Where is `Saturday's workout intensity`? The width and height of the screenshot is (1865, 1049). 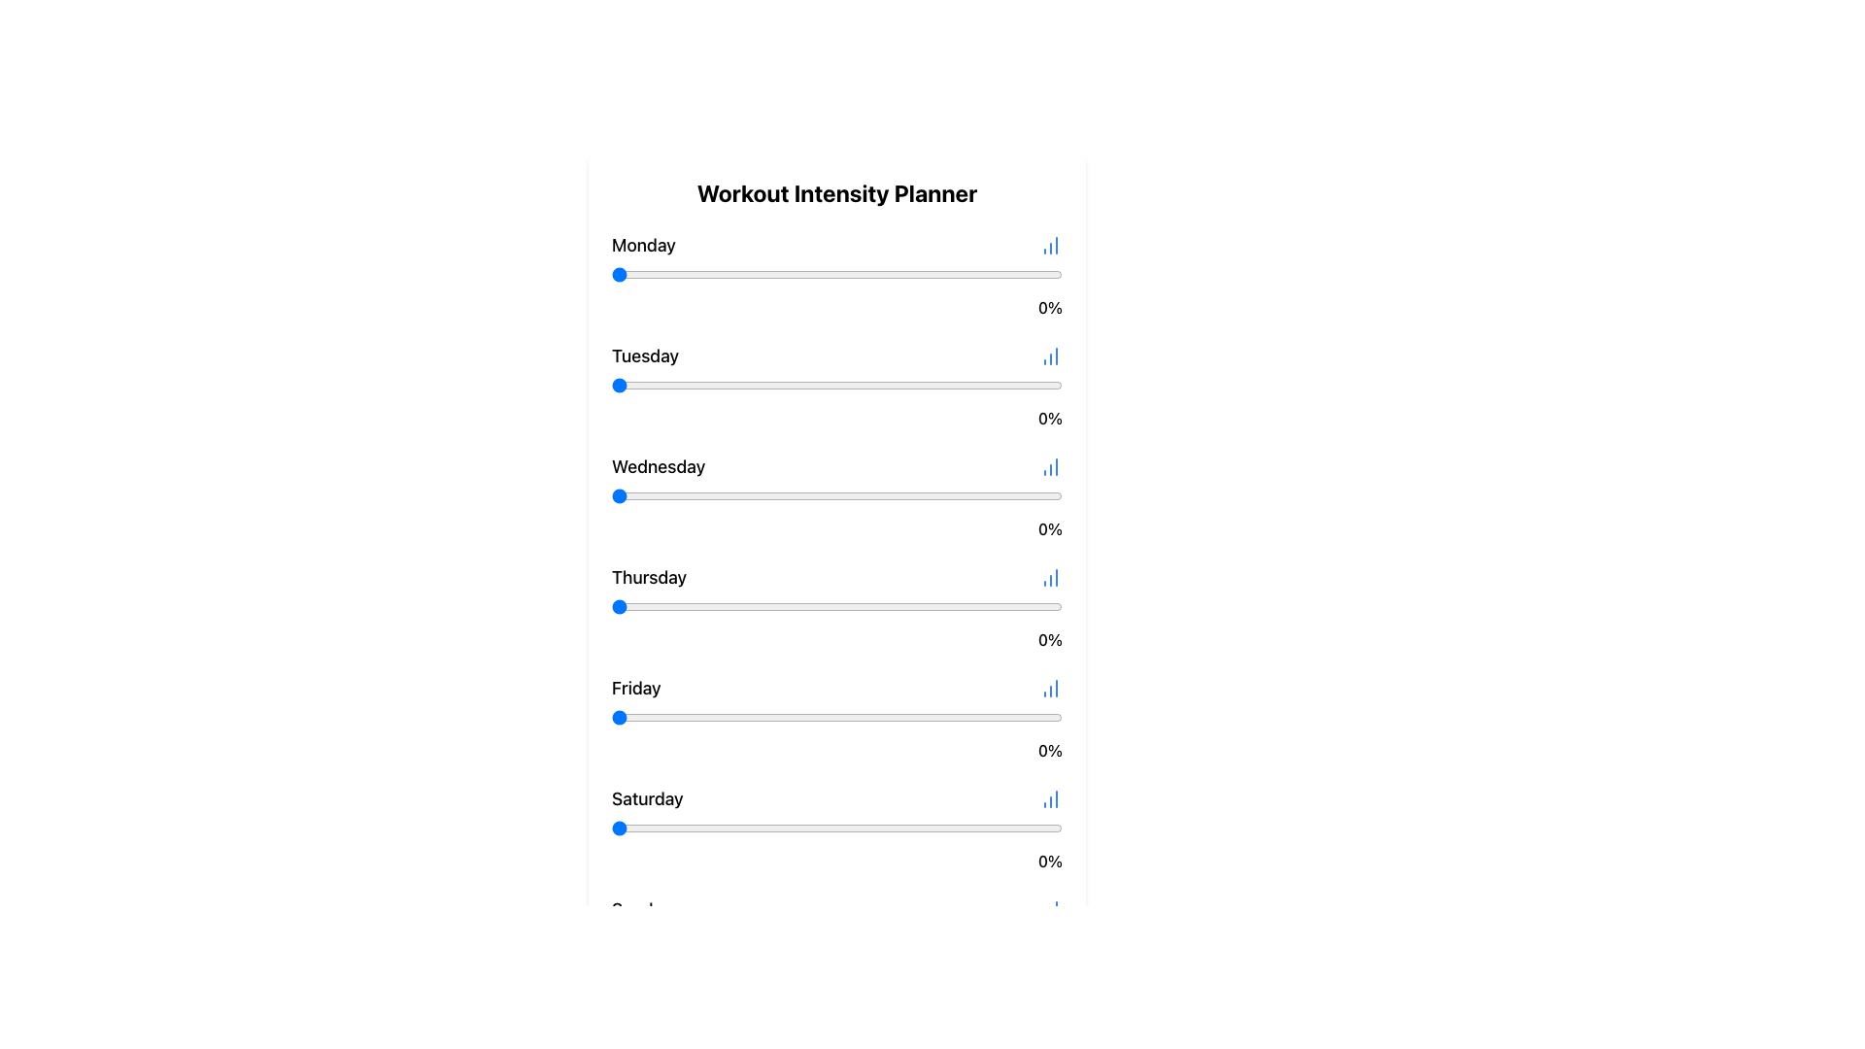 Saturday's workout intensity is located at coordinates (732, 828).